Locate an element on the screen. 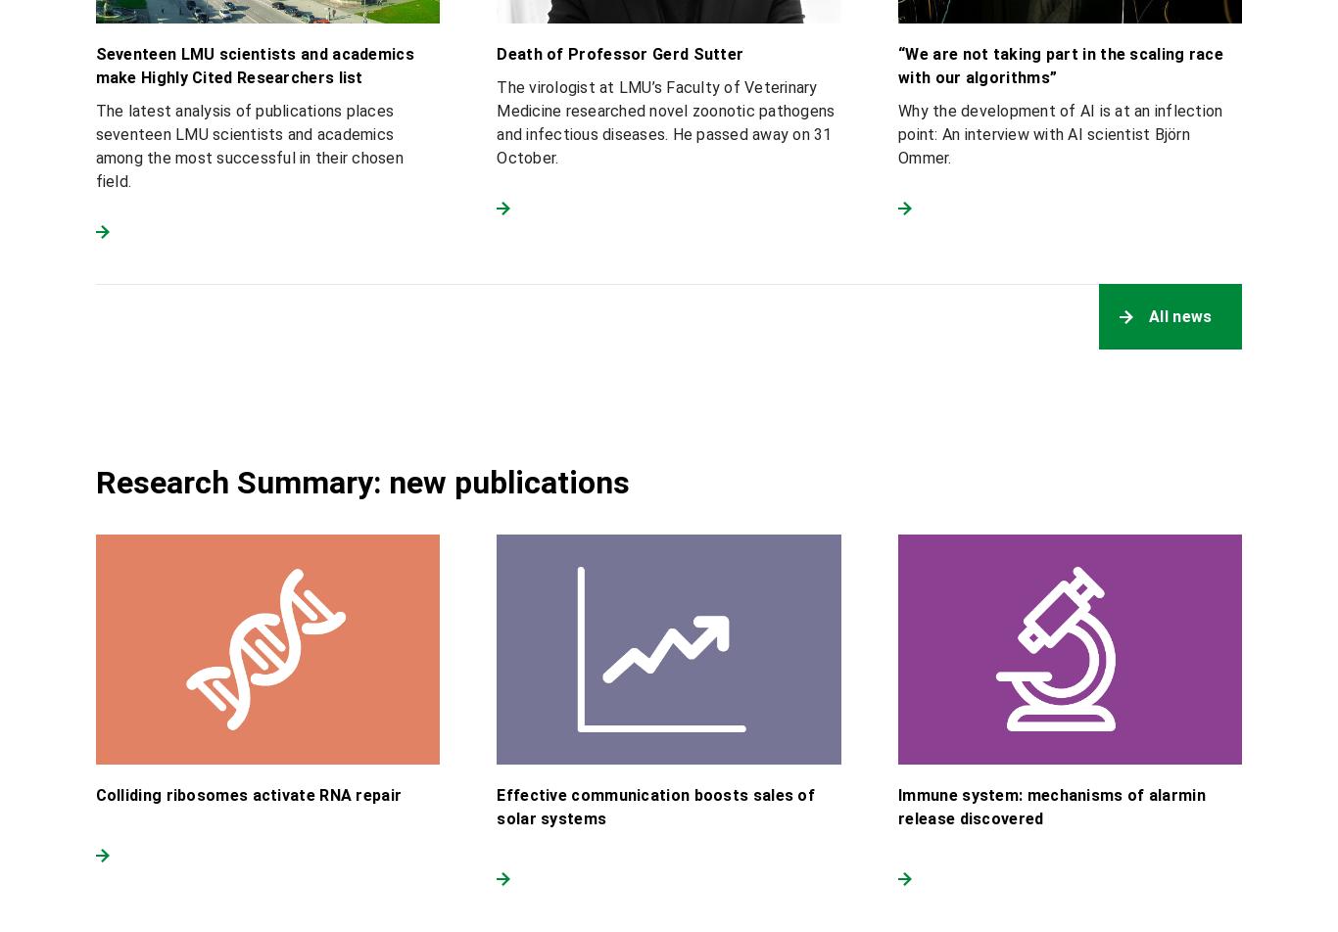 This screenshot has width=1338, height=932. 'The virologist at LMU’s Faculty of Veterinary Medicine researched novel zoonotic pathogens and infectious diseases. He passed away on 31 October.' is located at coordinates (664, 121).